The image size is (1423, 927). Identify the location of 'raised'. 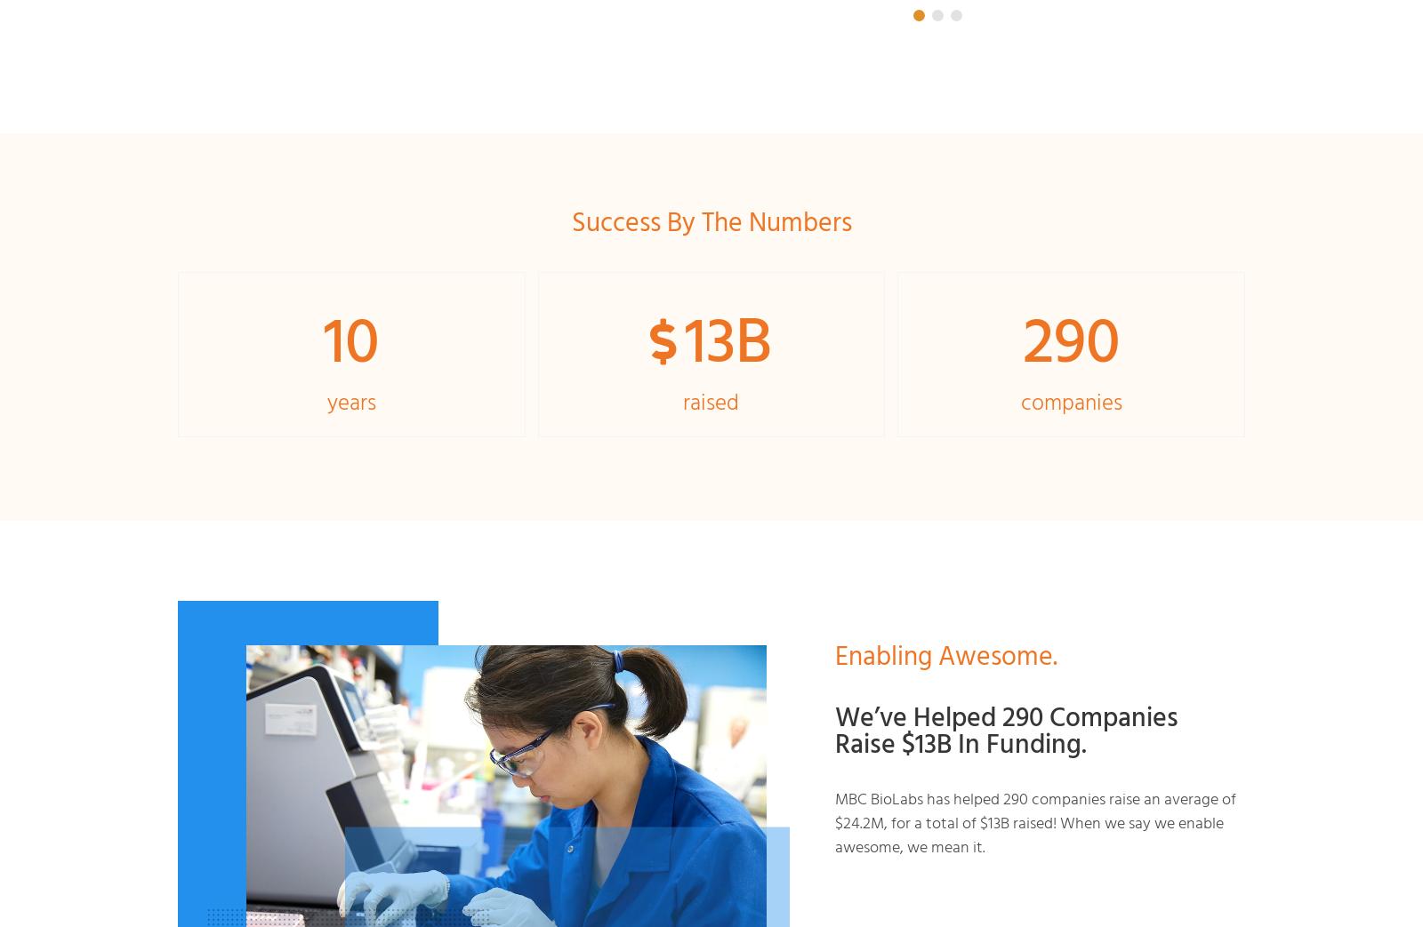
(683, 400).